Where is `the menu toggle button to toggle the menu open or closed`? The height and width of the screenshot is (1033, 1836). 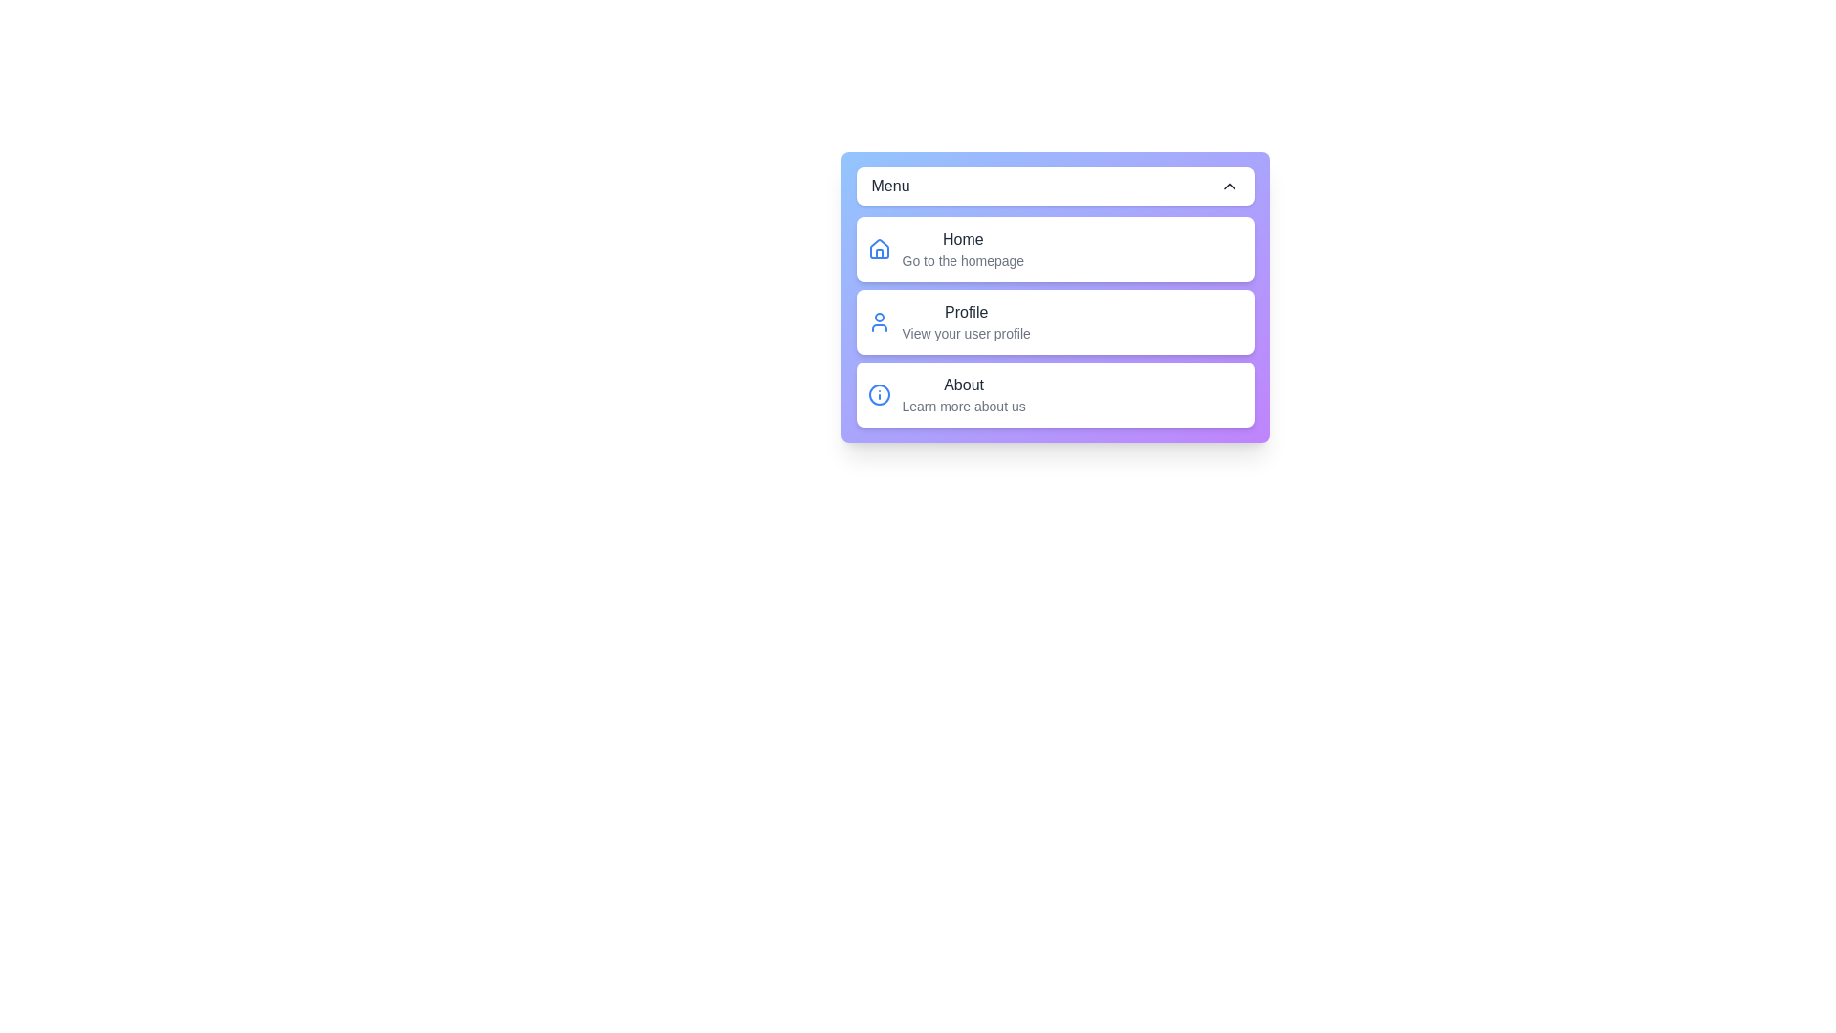 the menu toggle button to toggle the menu open or closed is located at coordinates (1054, 187).